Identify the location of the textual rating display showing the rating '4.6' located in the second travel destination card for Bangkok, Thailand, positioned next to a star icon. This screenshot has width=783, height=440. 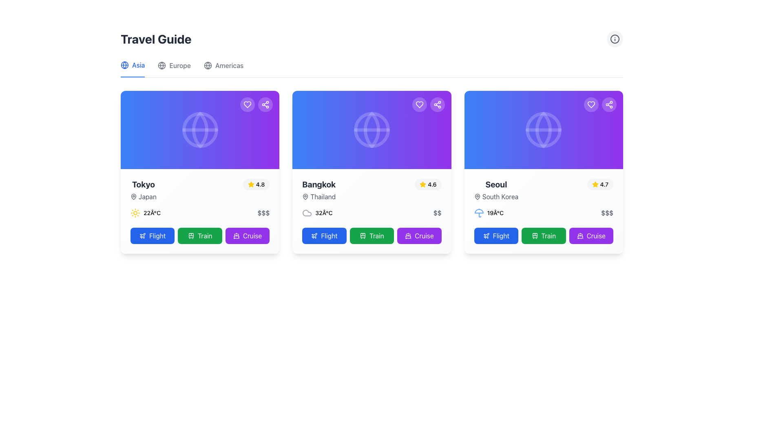
(432, 184).